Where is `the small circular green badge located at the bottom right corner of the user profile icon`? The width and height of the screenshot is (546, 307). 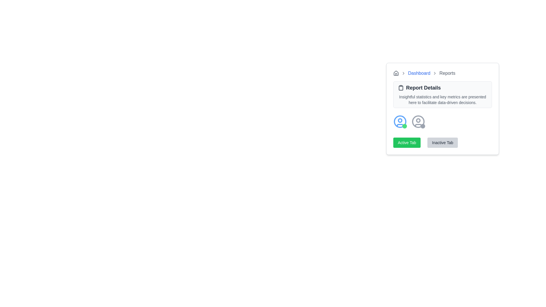
the small circular green badge located at the bottom right corner of the user profile icon is located at coordinates (404, 126).